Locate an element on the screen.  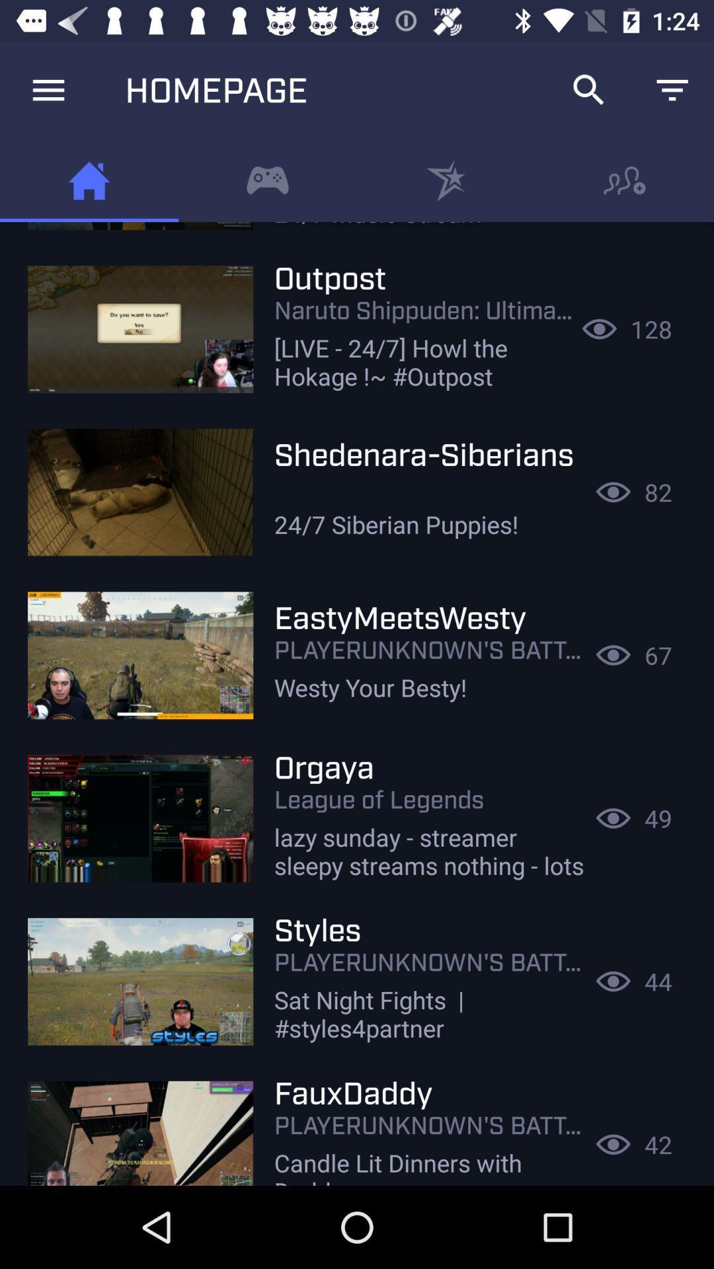
icon next to homepage item is located at coordinates (588, 89).